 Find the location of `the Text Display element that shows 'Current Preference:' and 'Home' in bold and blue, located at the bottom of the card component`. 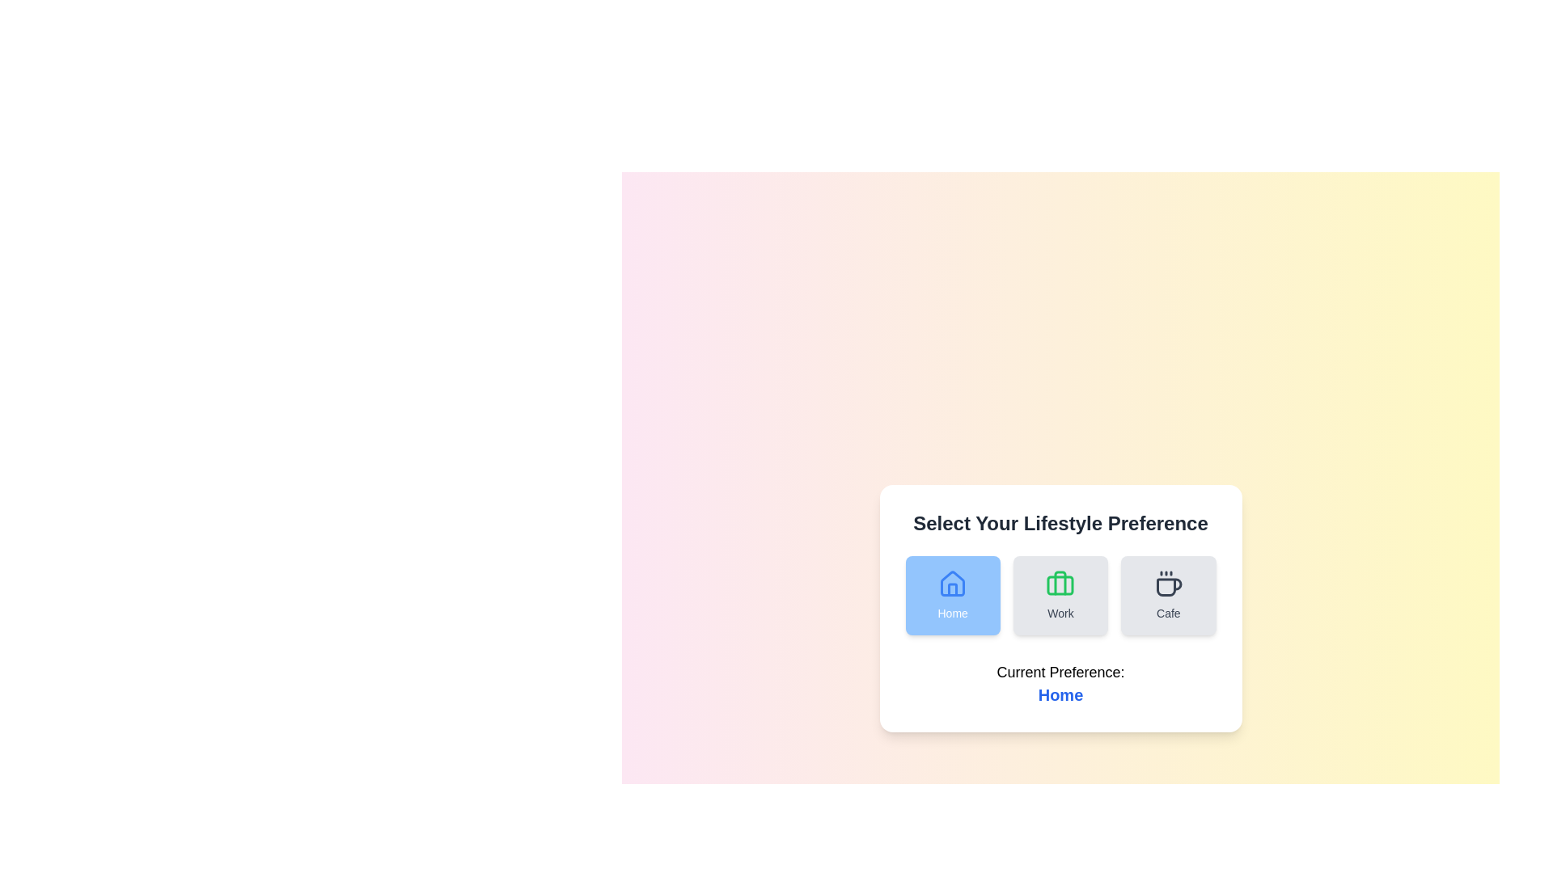

the Text Display element that shows 'Current Preference:' and 'Home' in bold and blue, located at the bottom of the card component is located at coordinates (1060, 683).